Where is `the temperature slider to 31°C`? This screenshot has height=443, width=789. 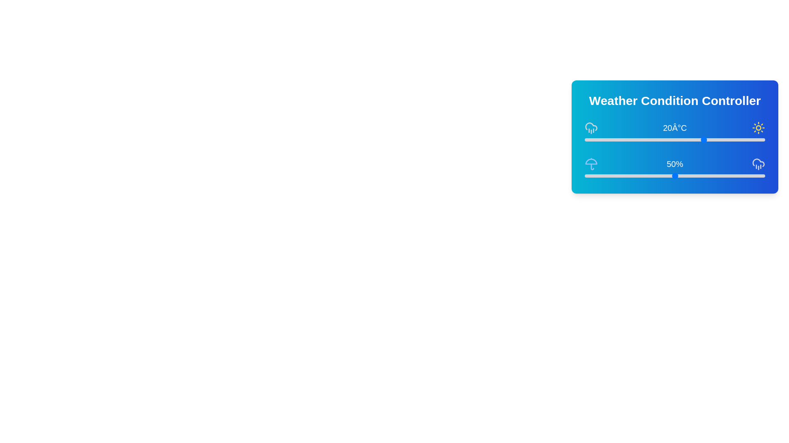 the temperature slider to 31°C is located at coordinates (738, 139).